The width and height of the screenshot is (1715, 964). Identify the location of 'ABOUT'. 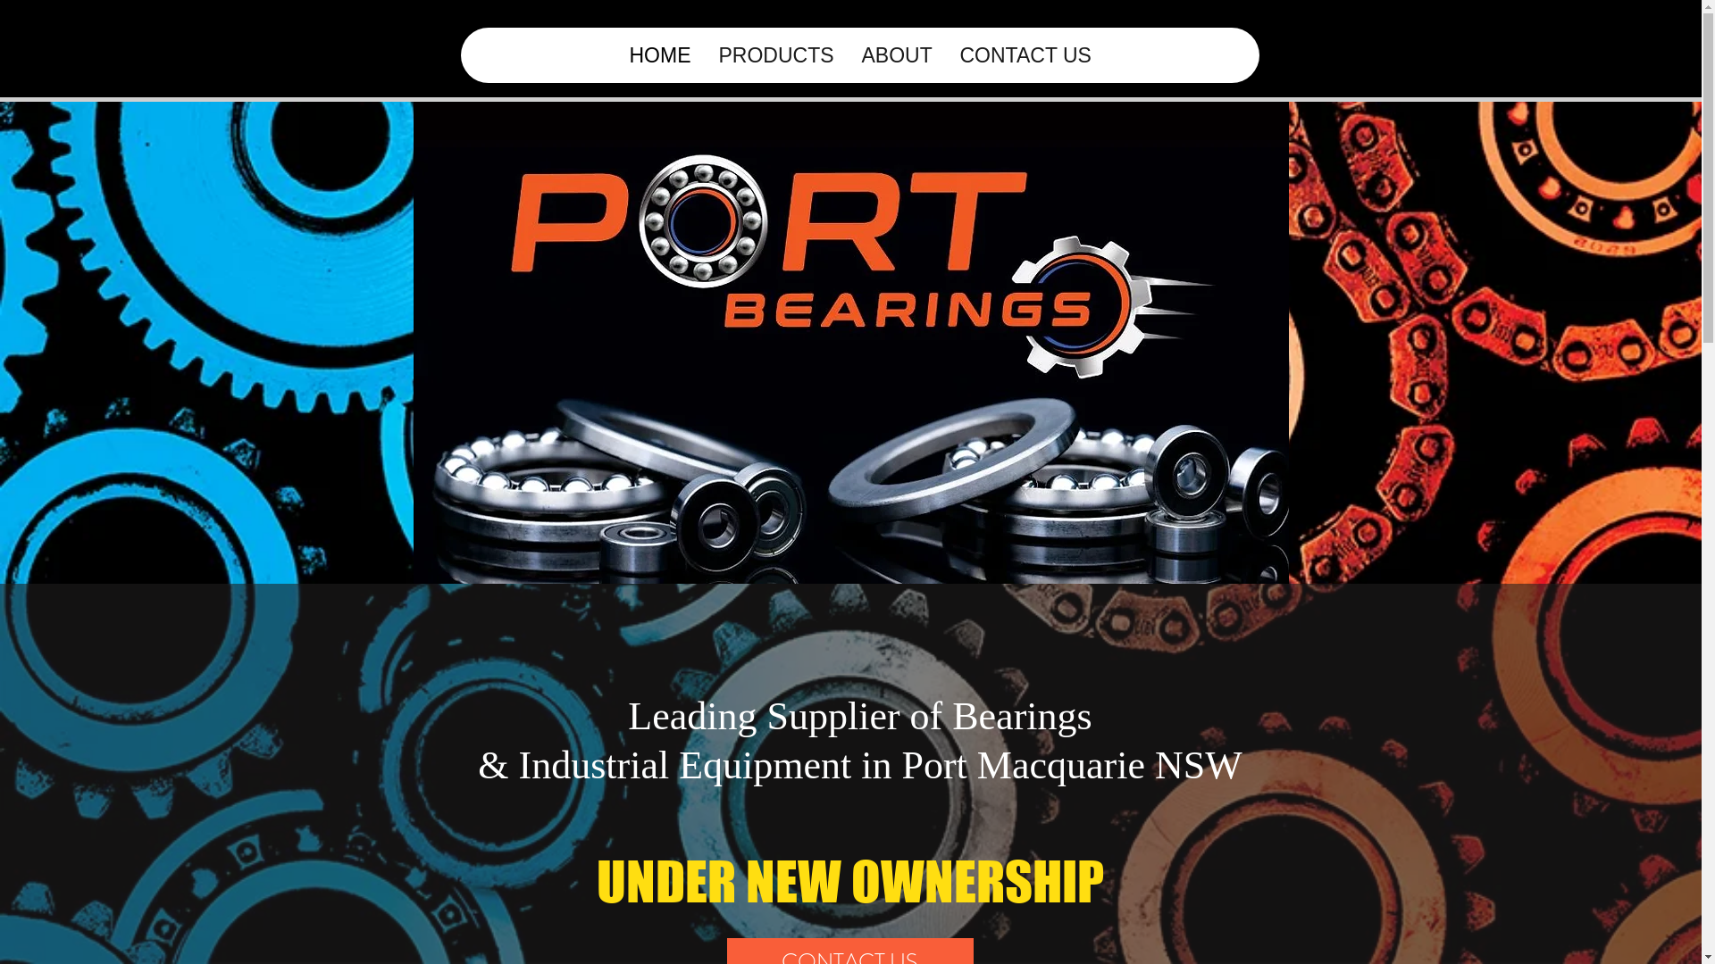
(896, 54).